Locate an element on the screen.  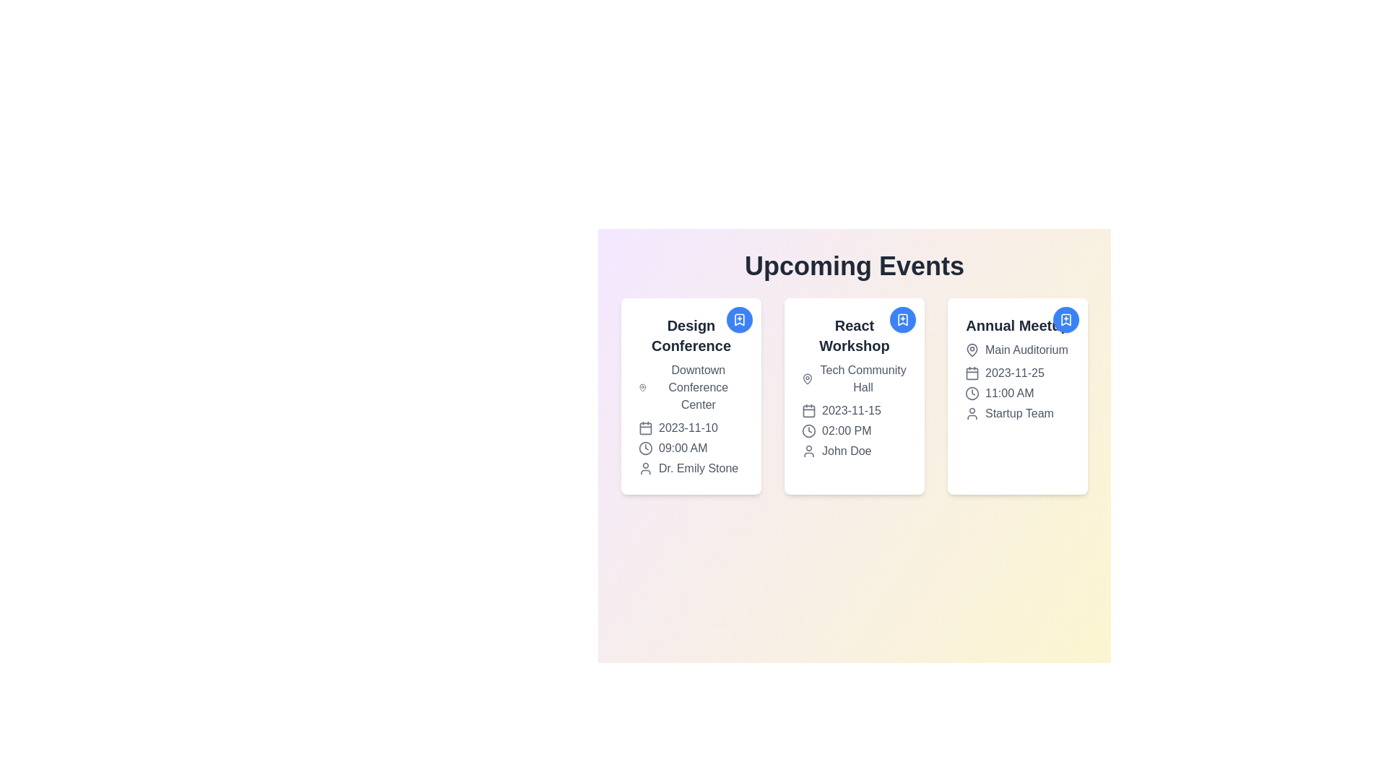
the circular blue icon button located at the top-right corner of the 'Design Conference' card is located at coordinates (739, 319).